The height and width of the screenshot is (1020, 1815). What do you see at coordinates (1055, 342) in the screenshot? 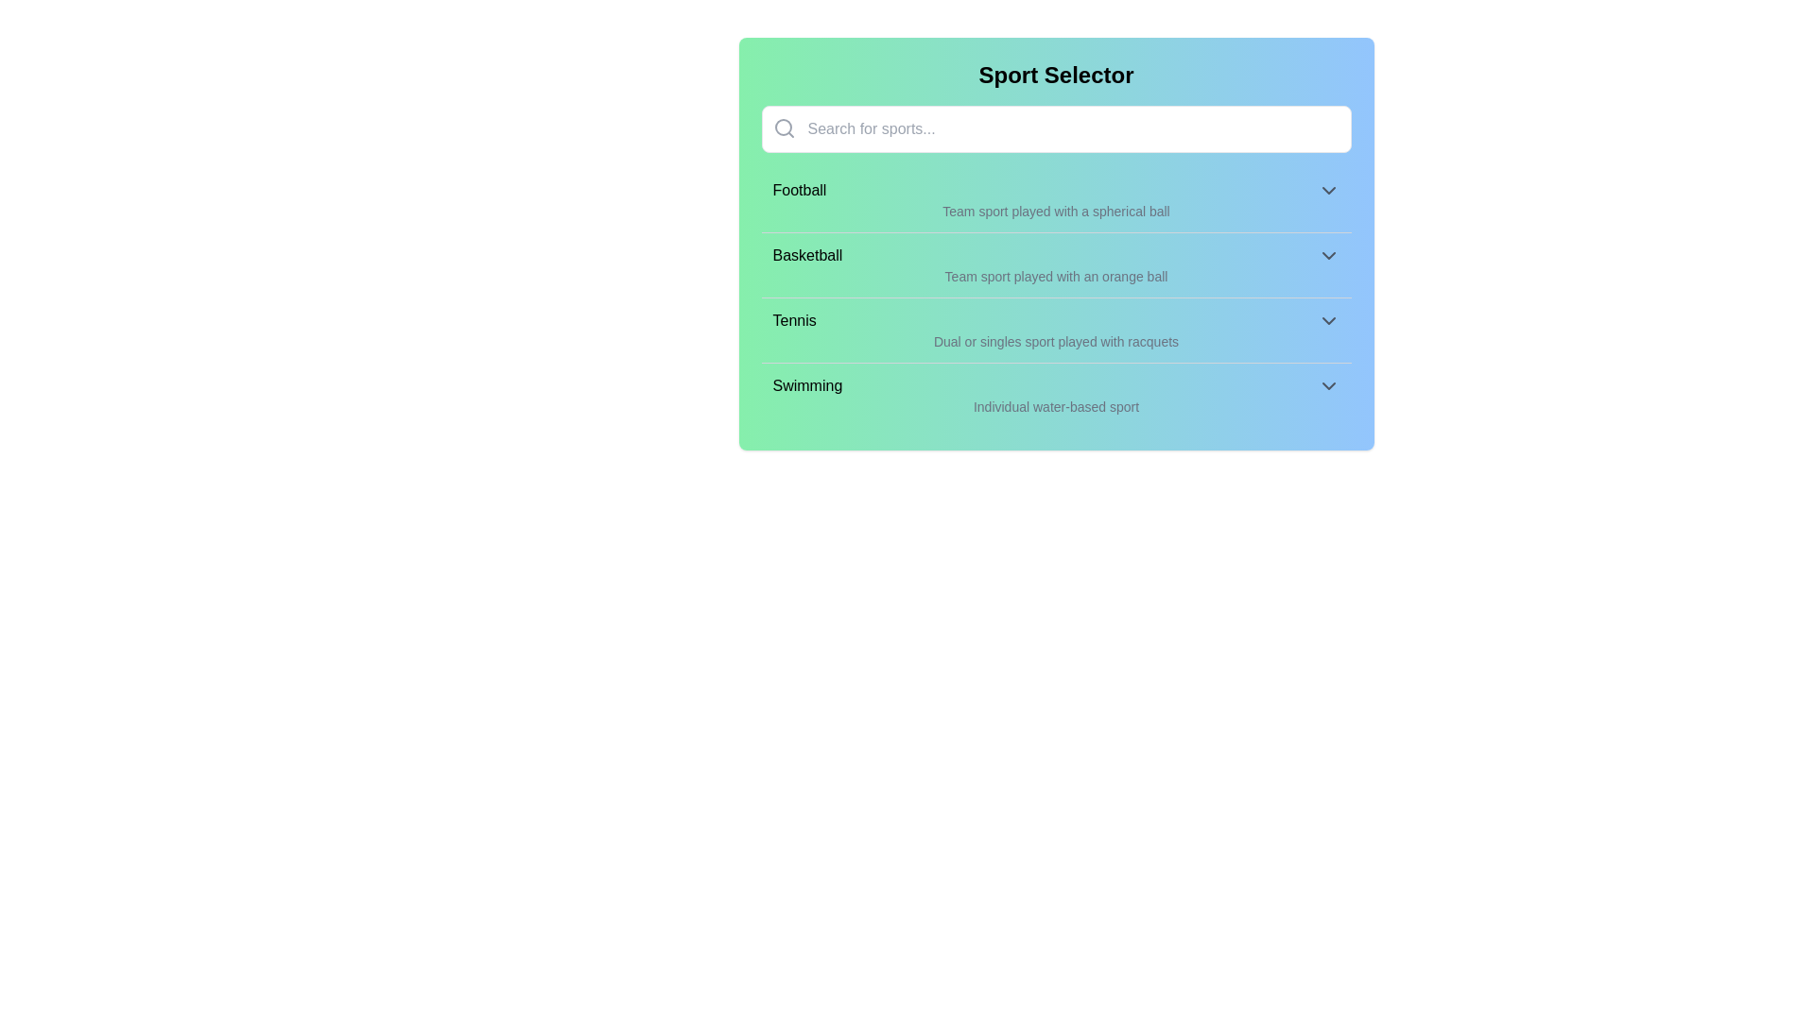
I see `the text label reading 'Dual or singles sport played with racquets', which is visually secondary and located beneath the larger text 'Tennis' in the dropdown menu entry` at bounding box center [1055, 342].